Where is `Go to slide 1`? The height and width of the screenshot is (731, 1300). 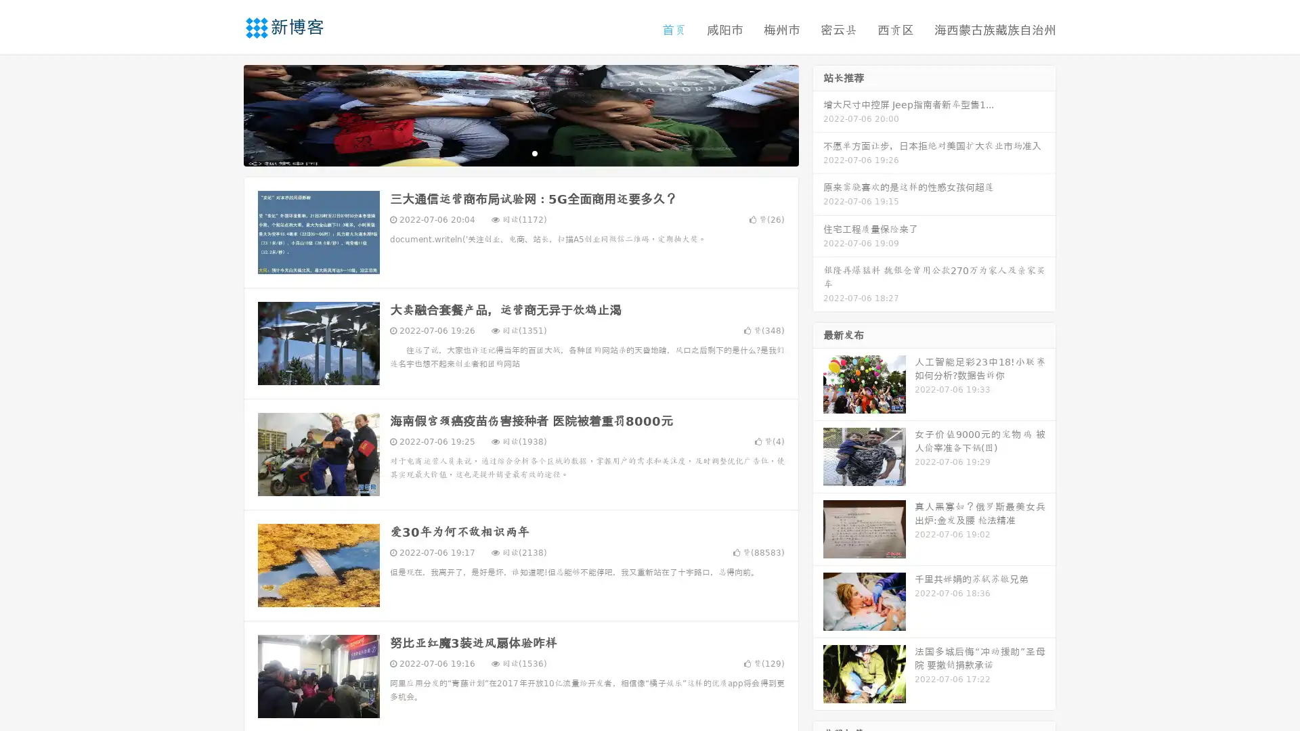 Go to slide 1 is located at coordinates (506, 152).